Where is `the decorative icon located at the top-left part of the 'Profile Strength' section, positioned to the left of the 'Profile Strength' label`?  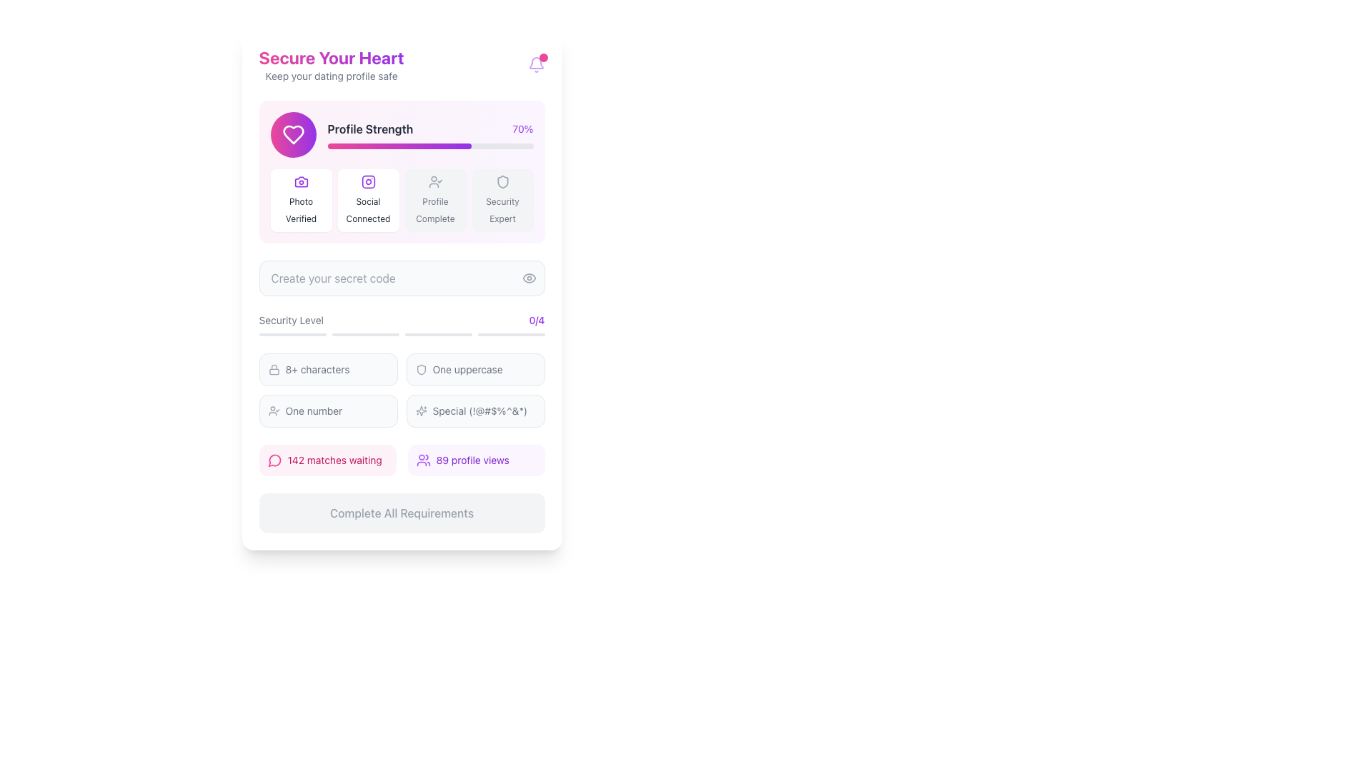 the decorative icon located at the top-left part of the 'Profile Strength' section, positioned to the left of the 'Profile Strength' label is located at coordinates (292, 135).